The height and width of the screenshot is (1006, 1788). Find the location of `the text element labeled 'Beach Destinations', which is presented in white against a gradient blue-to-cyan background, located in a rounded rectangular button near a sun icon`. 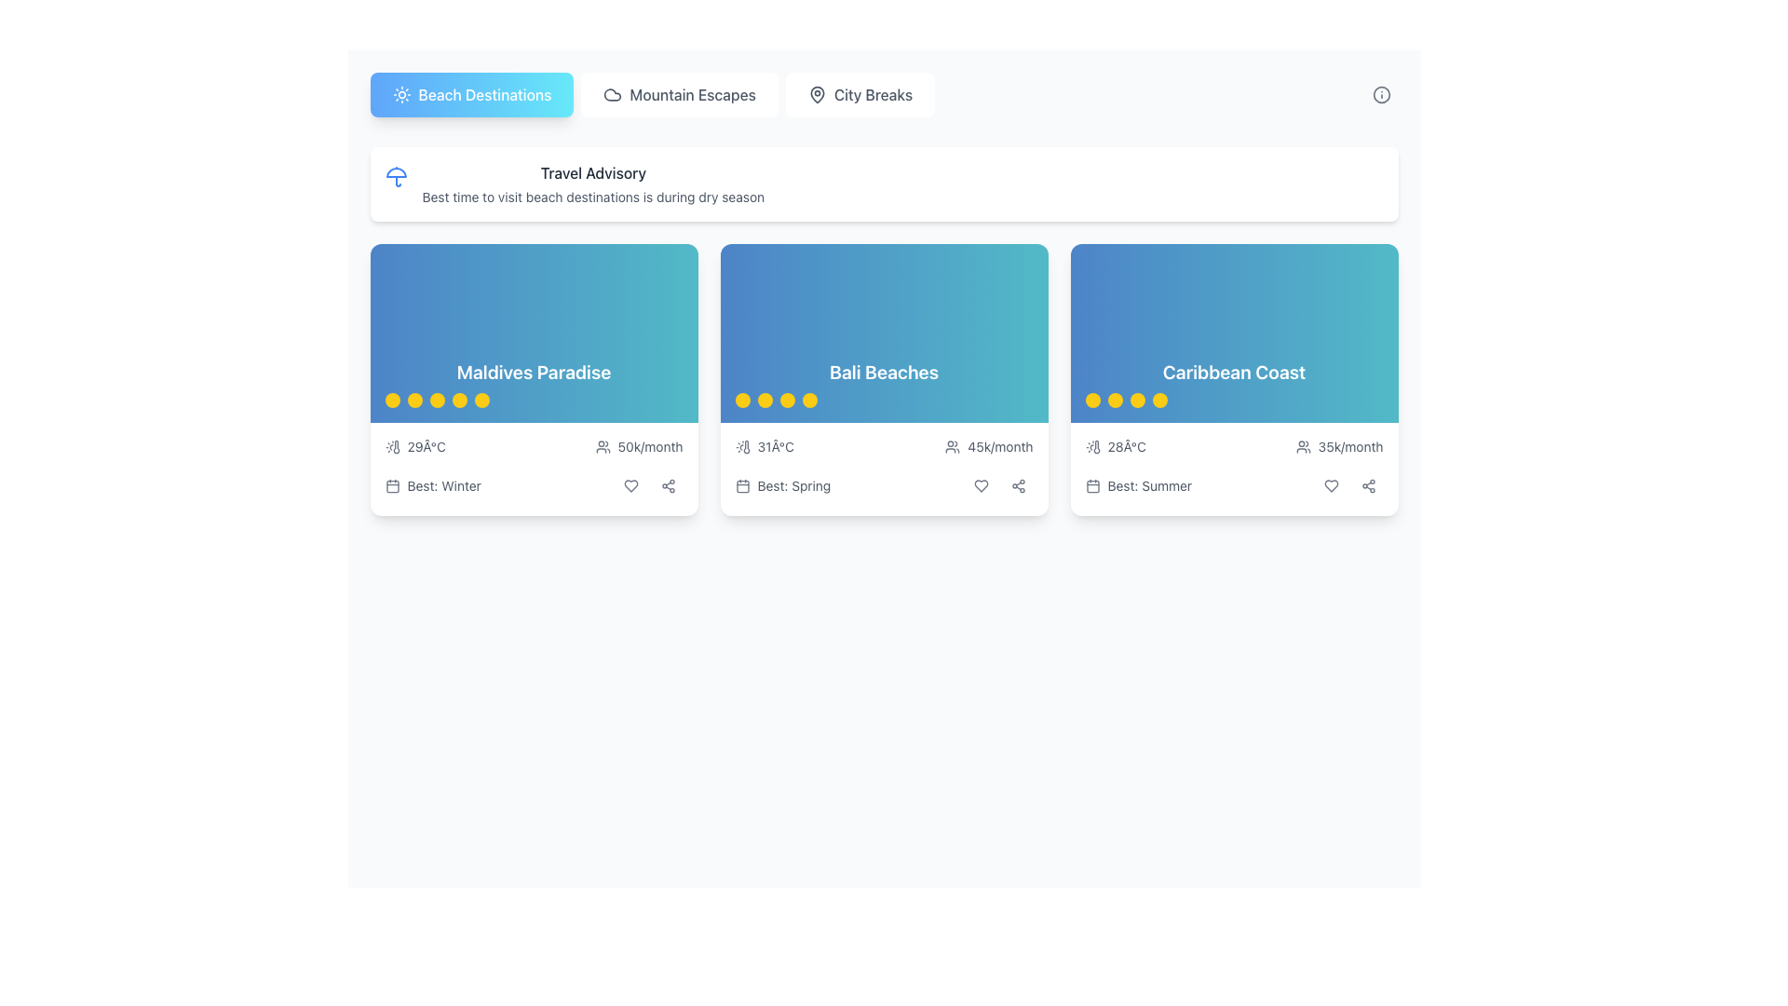

the text element labeled 'Beach Destinations', which is presented in white against a gradient blue-to-cyan background, located in a rounded rectangular button near a sun icon is located at coordinates (484, 94).